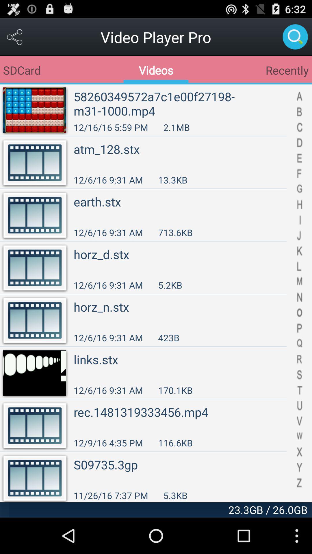  Describe the element at coordinates (15, 39) in the screenshot. I see `the share icon` at that location.